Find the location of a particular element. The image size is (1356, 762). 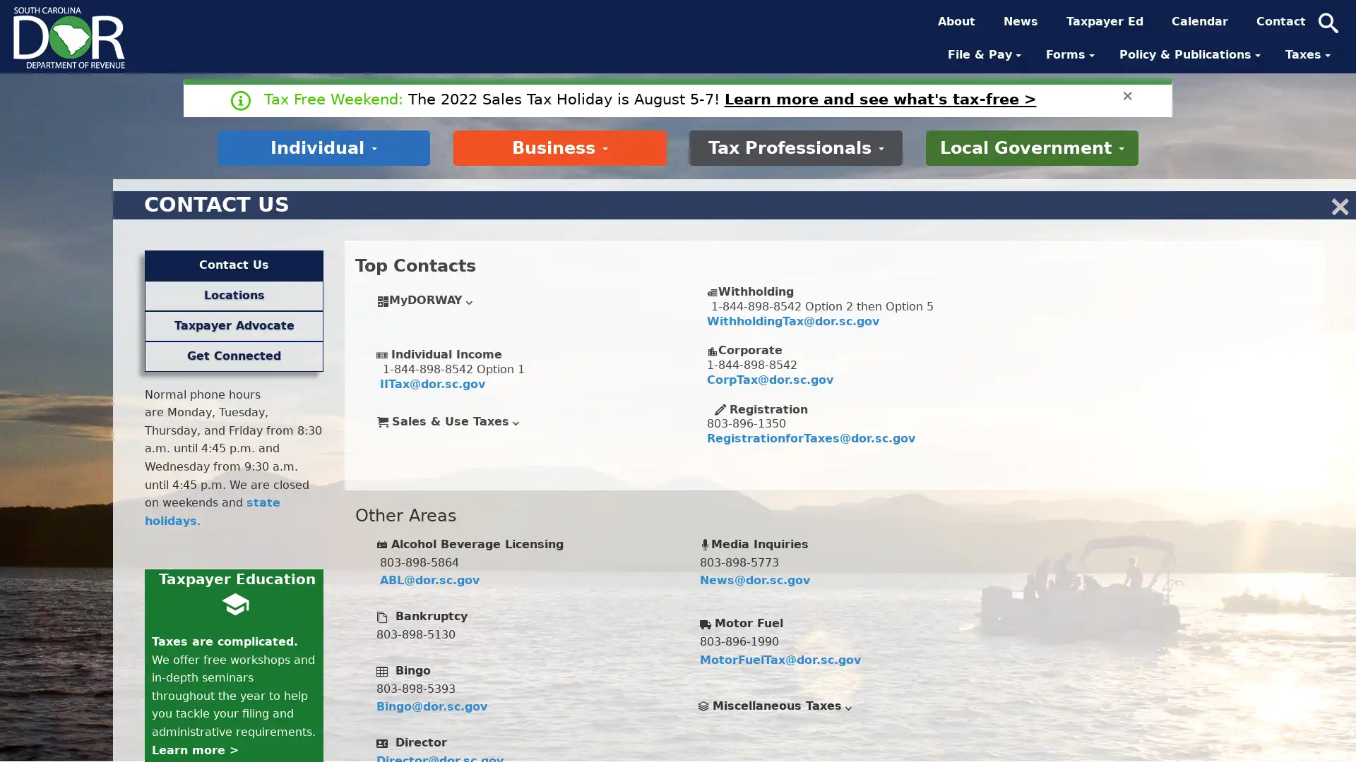

Forms is located at coordinates (1071, 54).